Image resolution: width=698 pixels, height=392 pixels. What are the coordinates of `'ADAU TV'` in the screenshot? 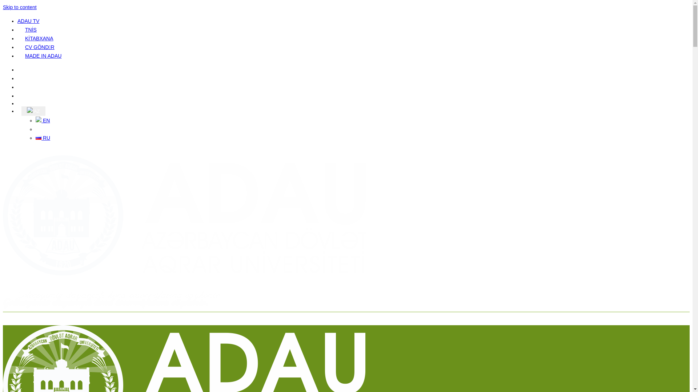 It's located at (17, 20).